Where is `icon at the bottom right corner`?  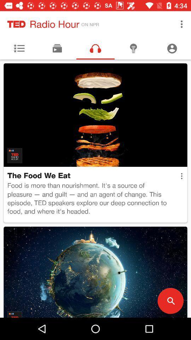
icon at the bottom right corner is located at coordinates (170, 300).